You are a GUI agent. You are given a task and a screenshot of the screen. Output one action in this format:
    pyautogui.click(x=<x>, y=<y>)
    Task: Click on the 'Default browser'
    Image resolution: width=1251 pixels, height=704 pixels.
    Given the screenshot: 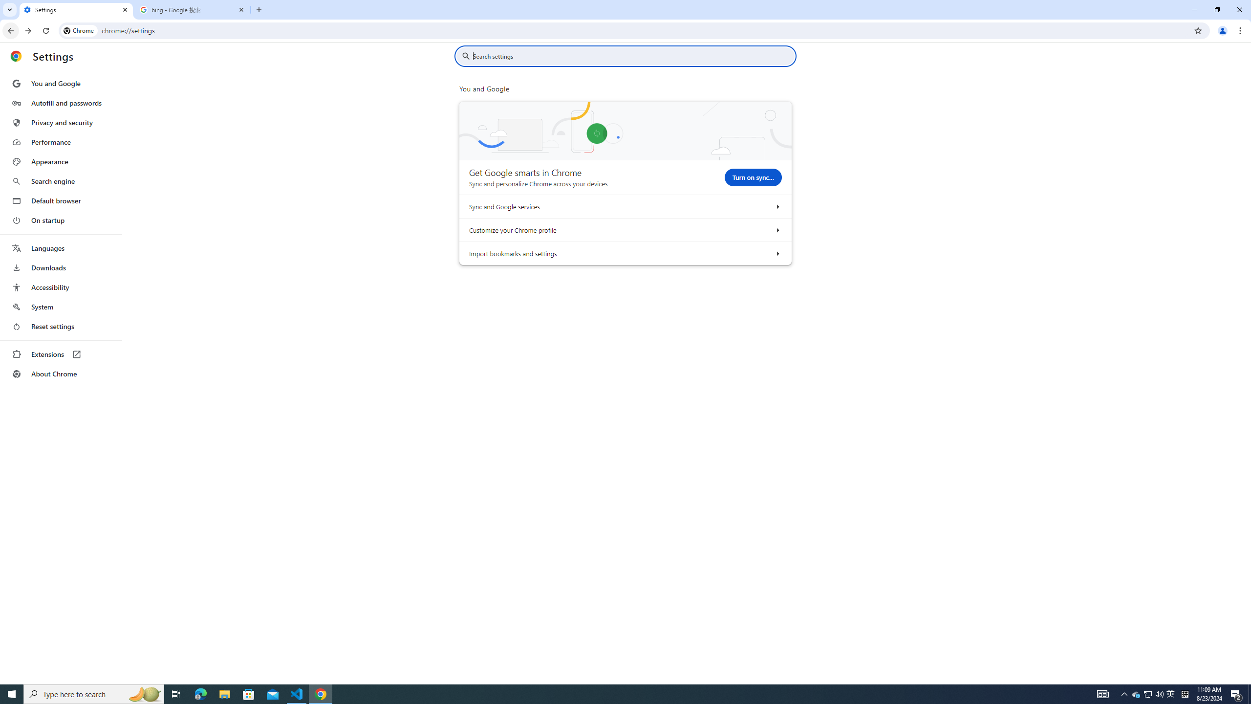 What is the action you would take?
    pyautogui.click(x=60, y=200)
    